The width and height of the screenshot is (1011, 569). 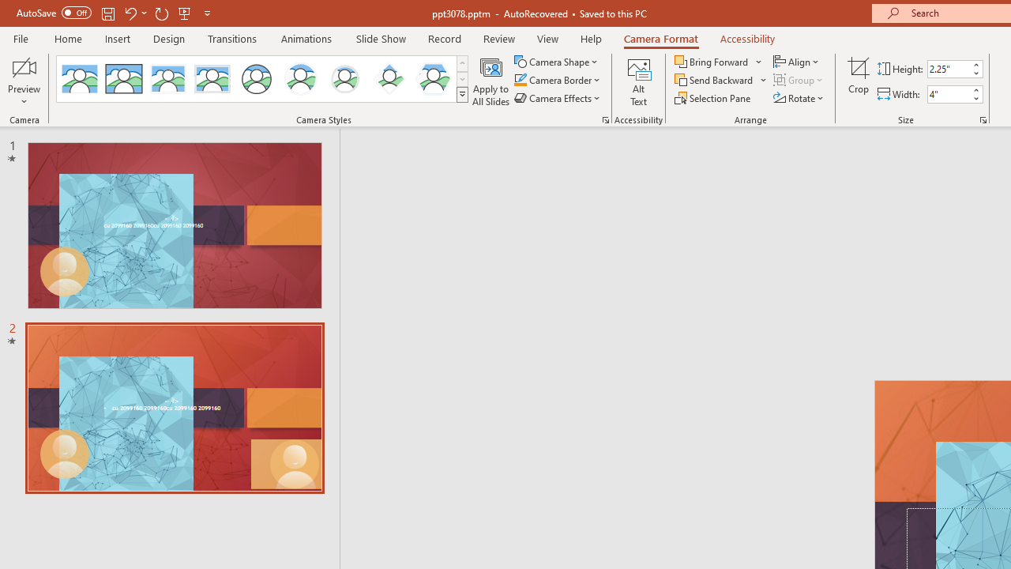 What do you see at coordinates (520, 80) in the screenshot?
I see `'Camera Border Green, Accent 1'` at bounding box center [520, 80].